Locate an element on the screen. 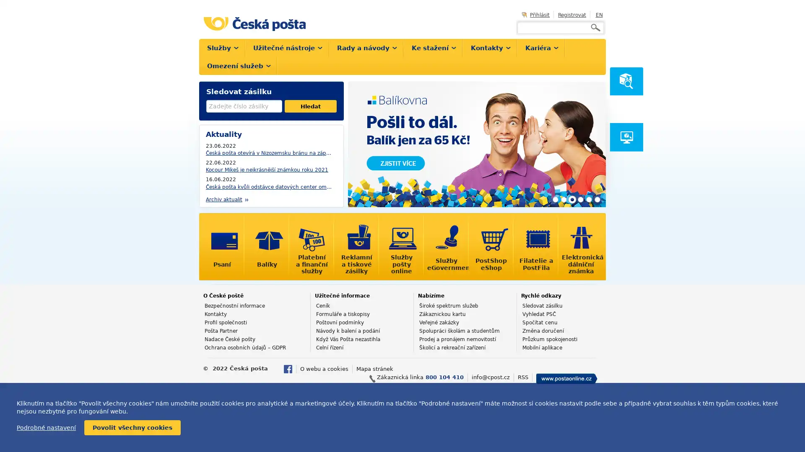  Povolit vsechny cookies is located at coordinates (132, 428).